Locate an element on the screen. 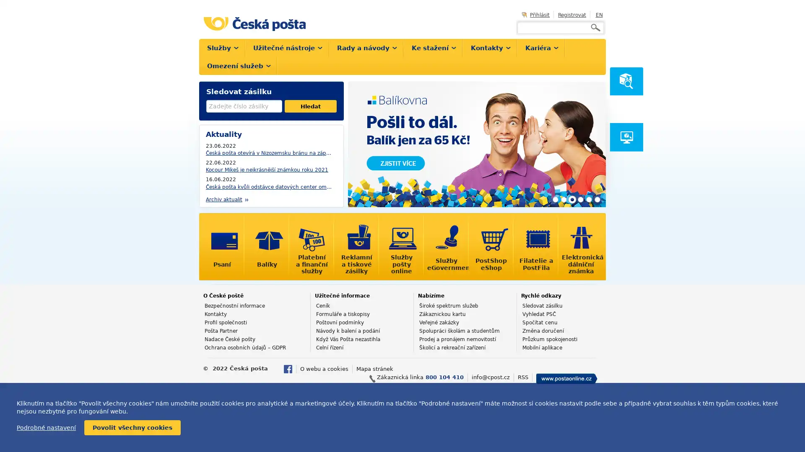  Povolit vsechny cookies is located at coordinates (132, 428).